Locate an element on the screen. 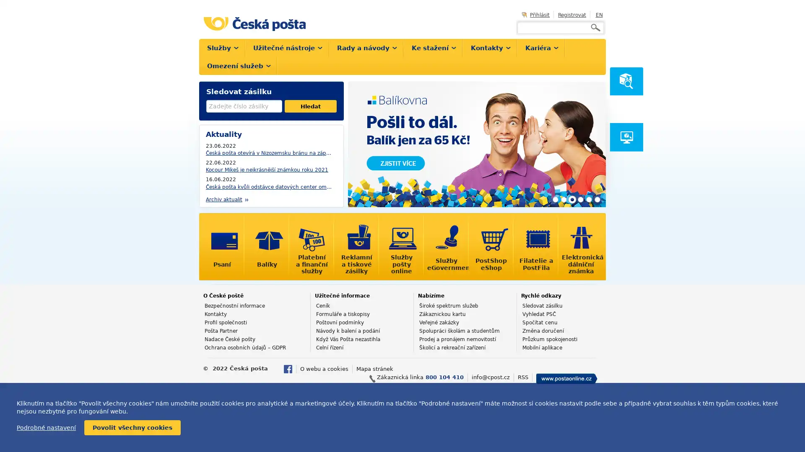  Povolit vsechny cookies is located at coordinates (132, 428).